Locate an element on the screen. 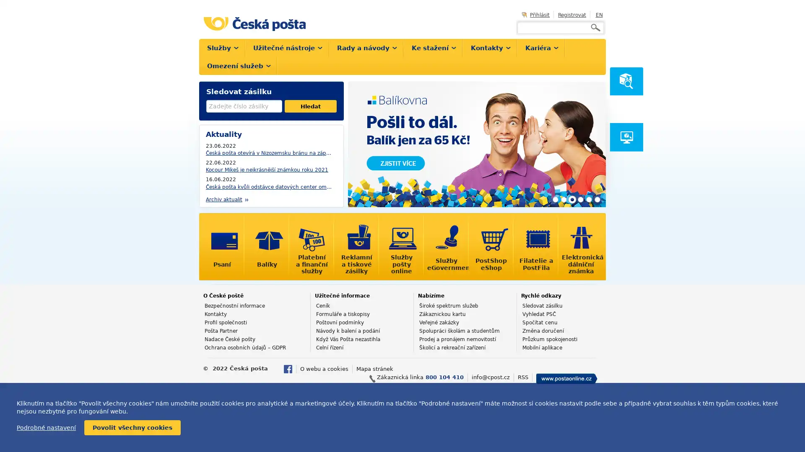  Povolit vsechny cookies is located at coordinates (132, 428).